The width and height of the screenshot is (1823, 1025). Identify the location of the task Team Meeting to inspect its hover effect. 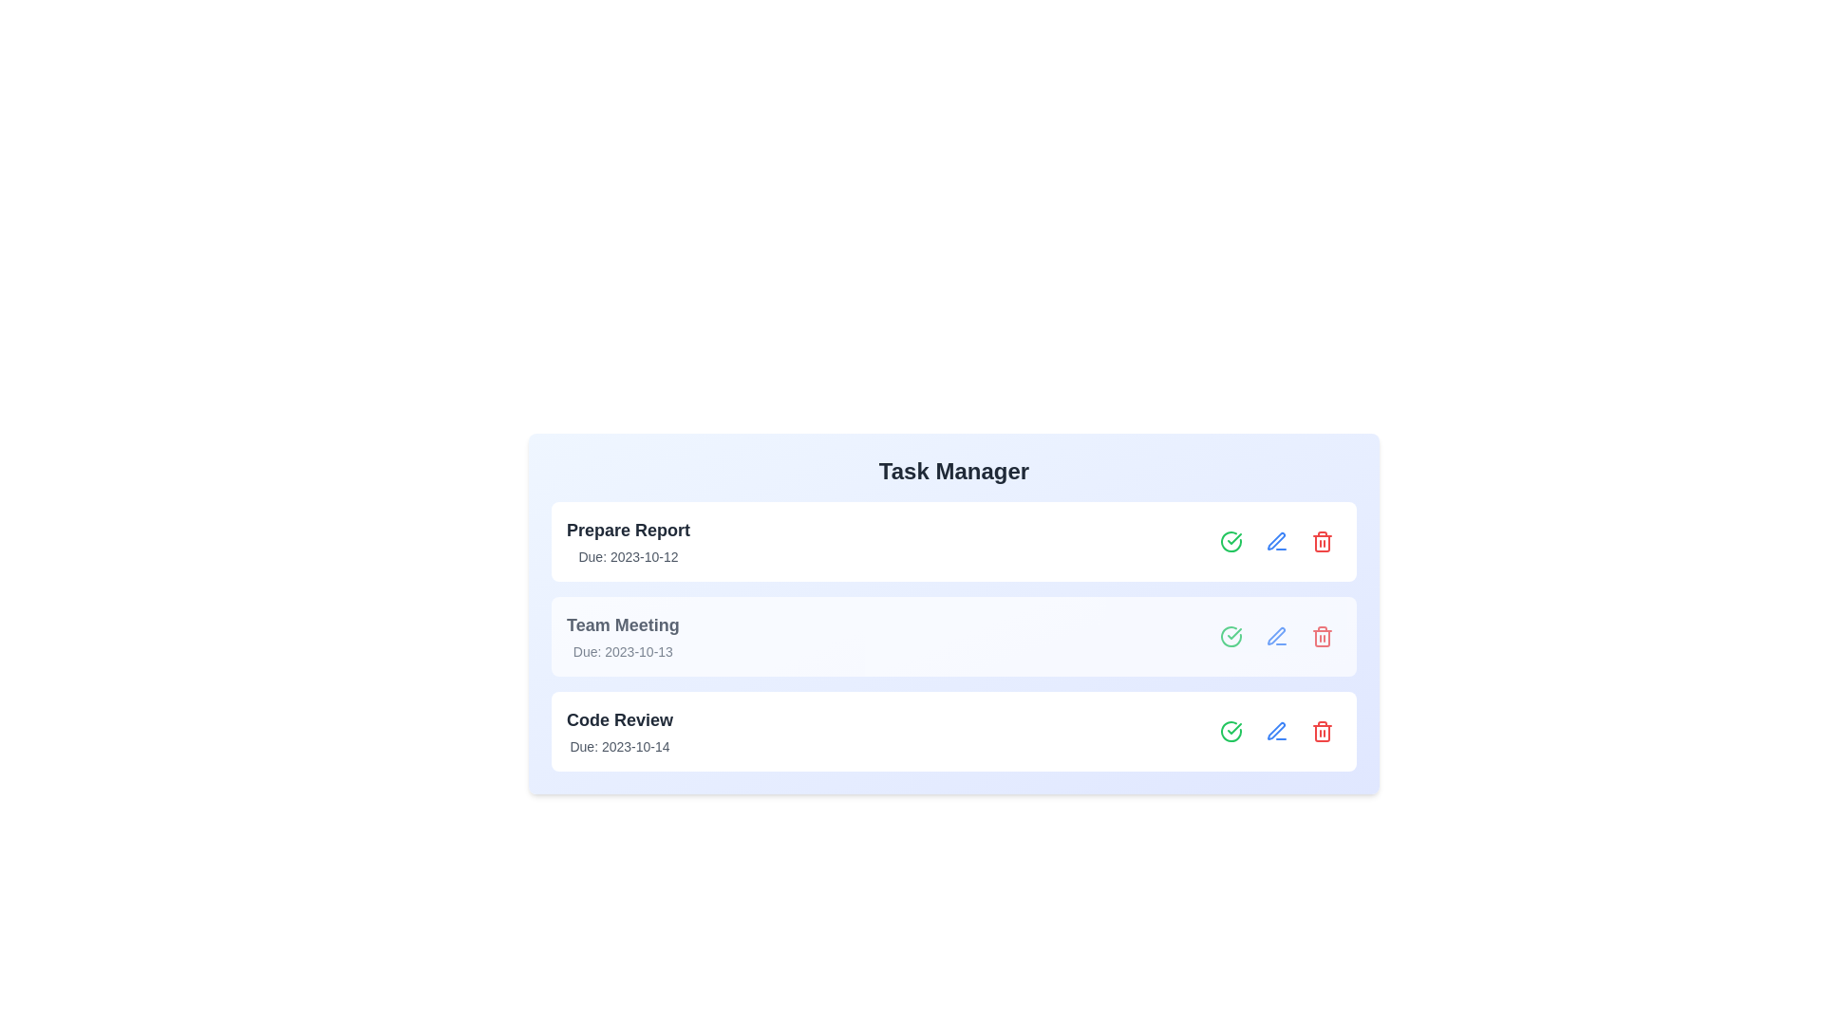
(953, 637).